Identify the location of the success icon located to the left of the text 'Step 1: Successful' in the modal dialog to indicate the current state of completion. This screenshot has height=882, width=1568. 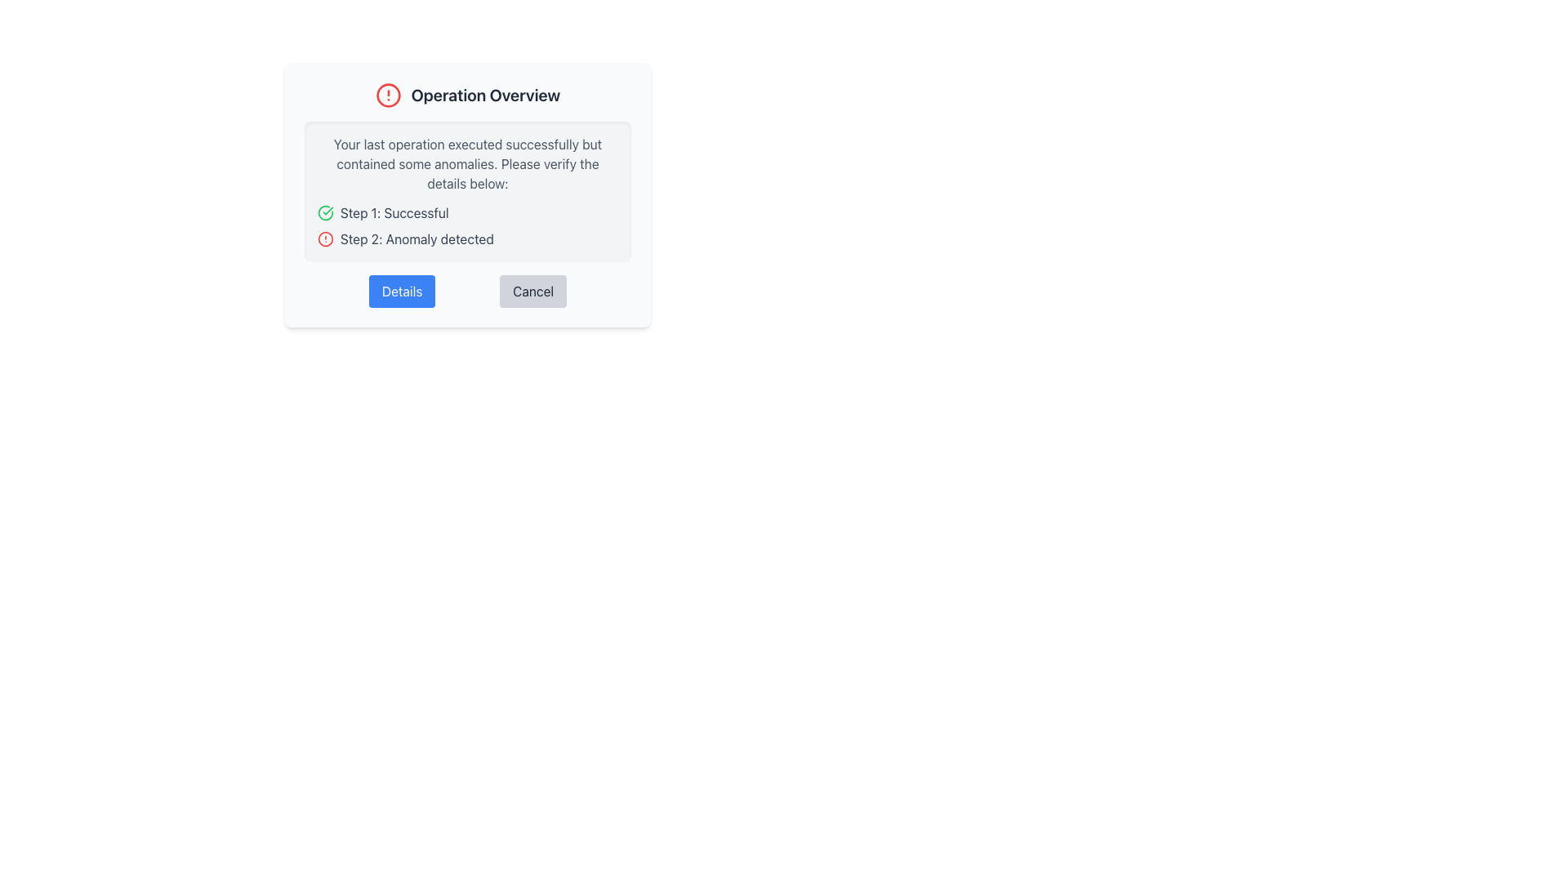
(325, 212).